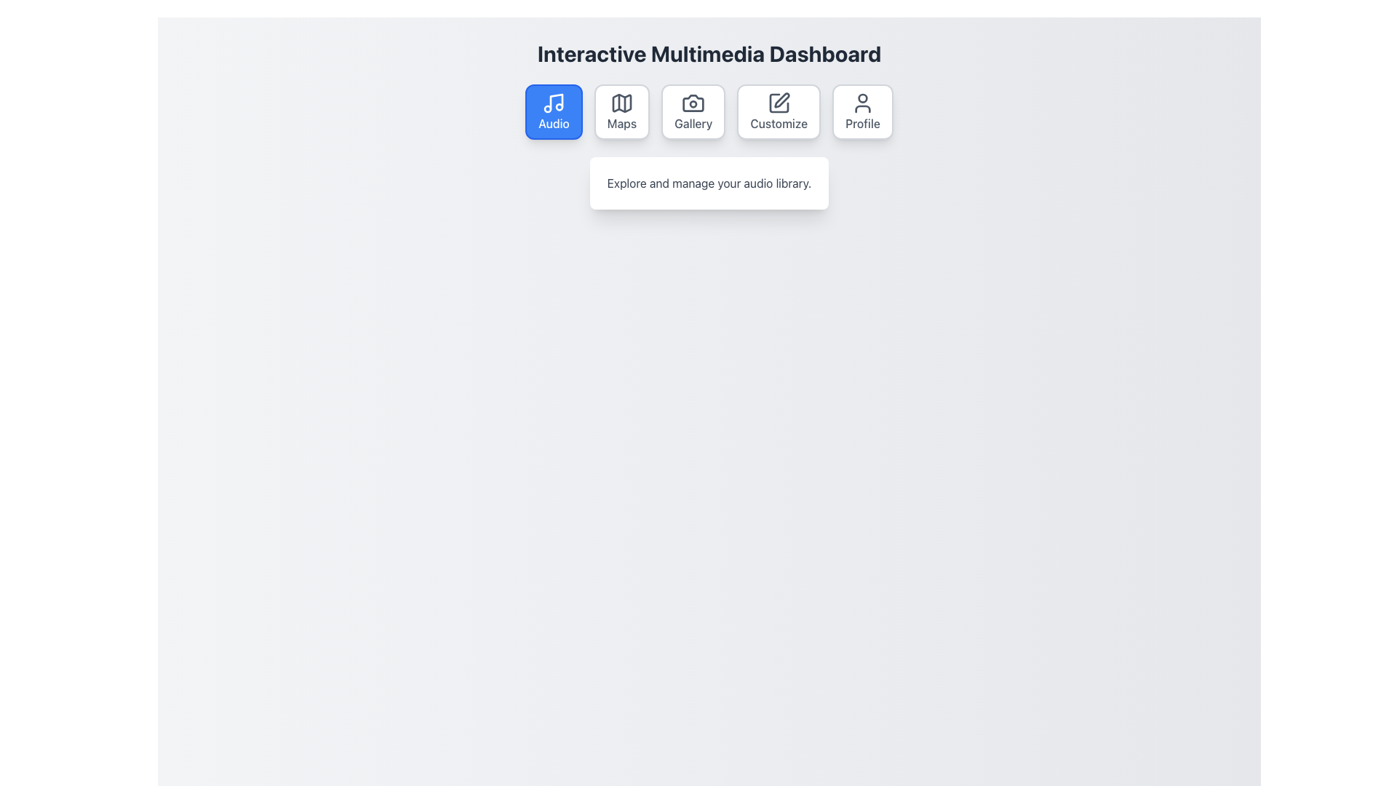  I want to click on text label that describes the gallery section, which is the third item in a row of five options, positioned below a camera icon, so click(693, 122).